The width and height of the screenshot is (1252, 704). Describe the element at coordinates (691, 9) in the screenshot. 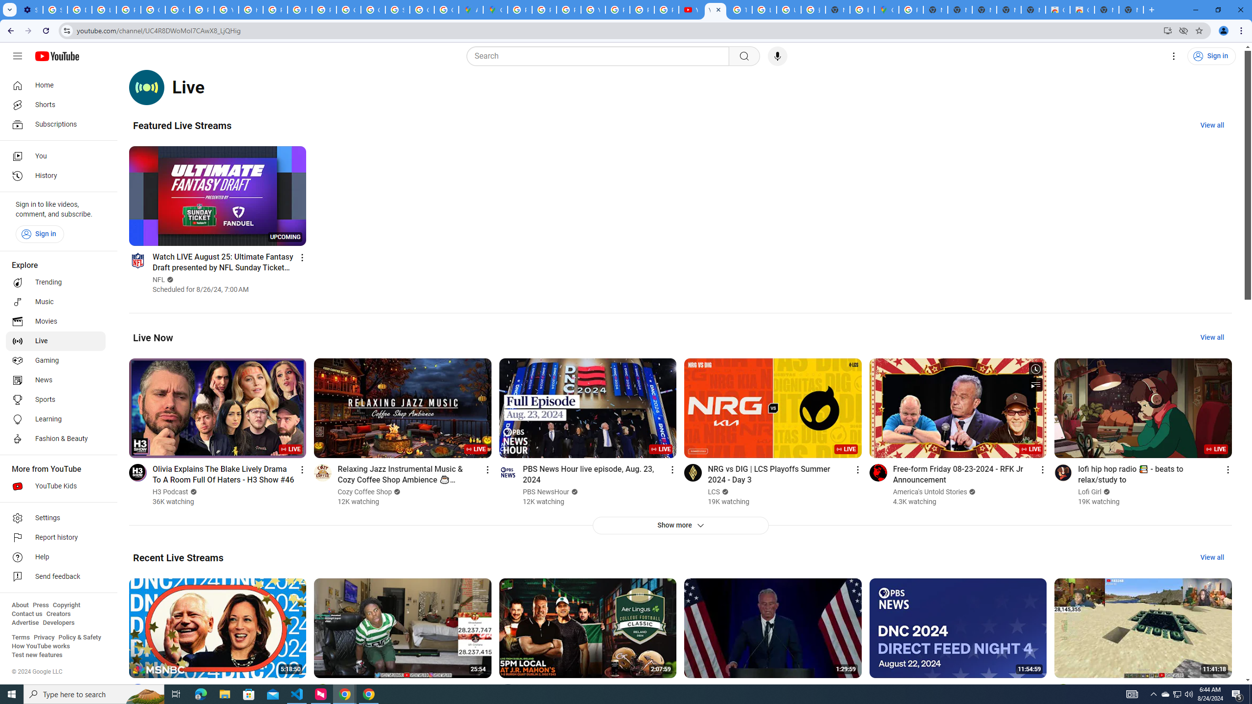

I see `'YouTube'` at that location.